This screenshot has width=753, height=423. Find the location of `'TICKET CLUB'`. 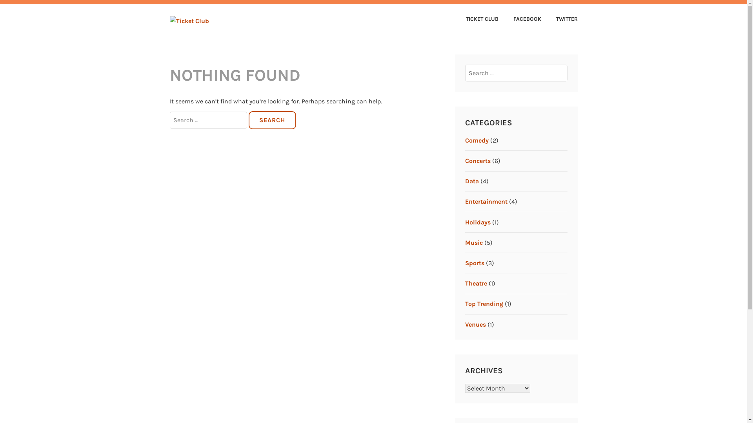

'TICKET CLUB' is located at coordinates (475, 19).